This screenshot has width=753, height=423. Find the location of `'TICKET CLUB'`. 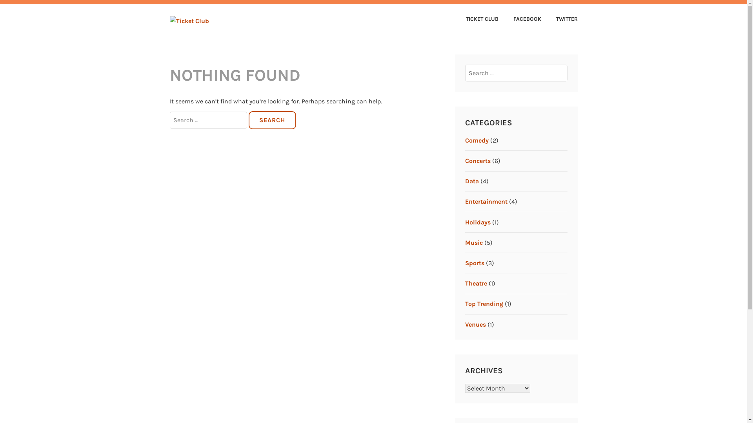

'TICKET CLUB' is located at coordinates (475, 19).